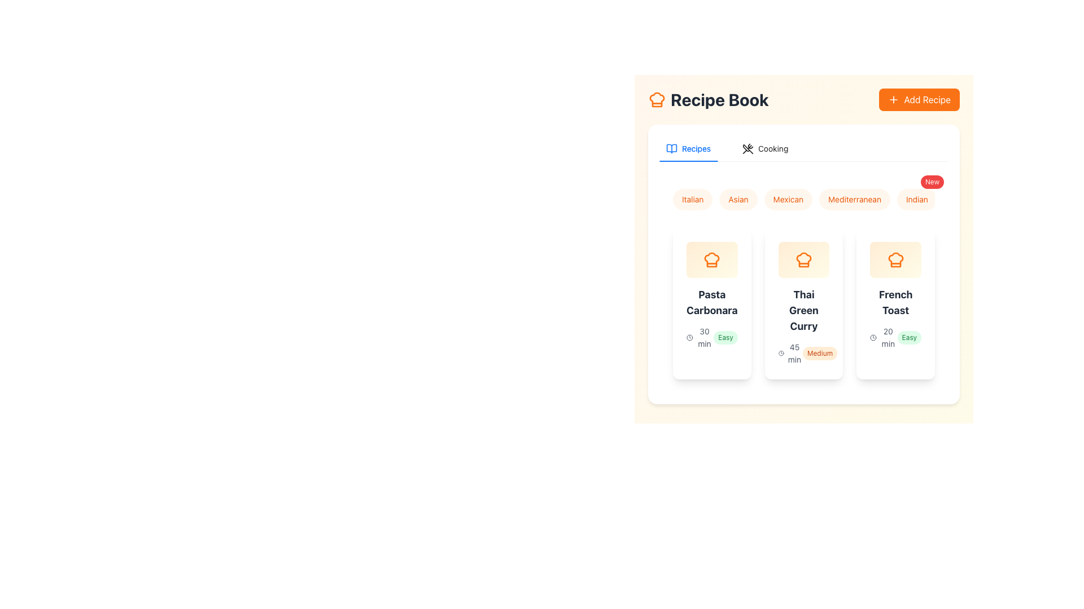 The height and width of the screenshot is (609, 1084). What do you see at coordinates (895, 260) in the screenshot?
I see `the bold orange chef hat icon located at the center of the 'French Toast' card in the third column of the grid layout for interaction` at bounding box center [895, 260].